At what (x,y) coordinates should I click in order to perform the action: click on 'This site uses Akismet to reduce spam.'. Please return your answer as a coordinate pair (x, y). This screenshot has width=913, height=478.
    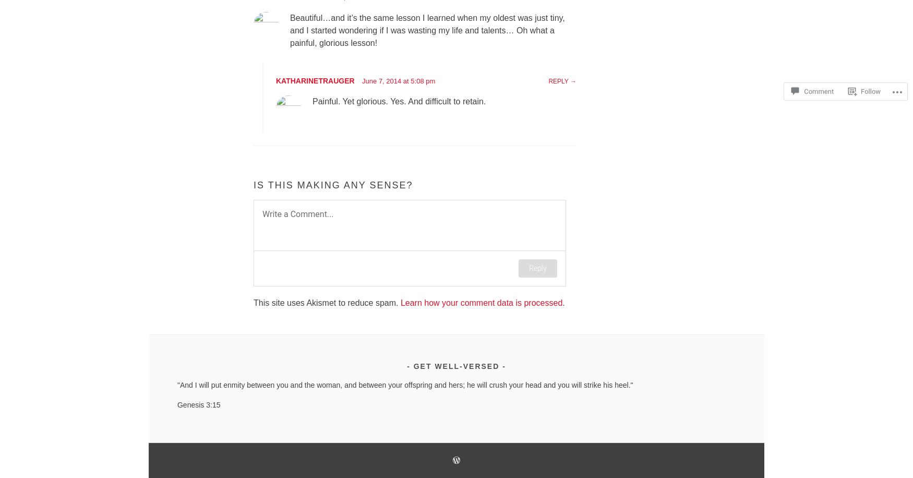
    Looking at the image, I should click on (326, 303).